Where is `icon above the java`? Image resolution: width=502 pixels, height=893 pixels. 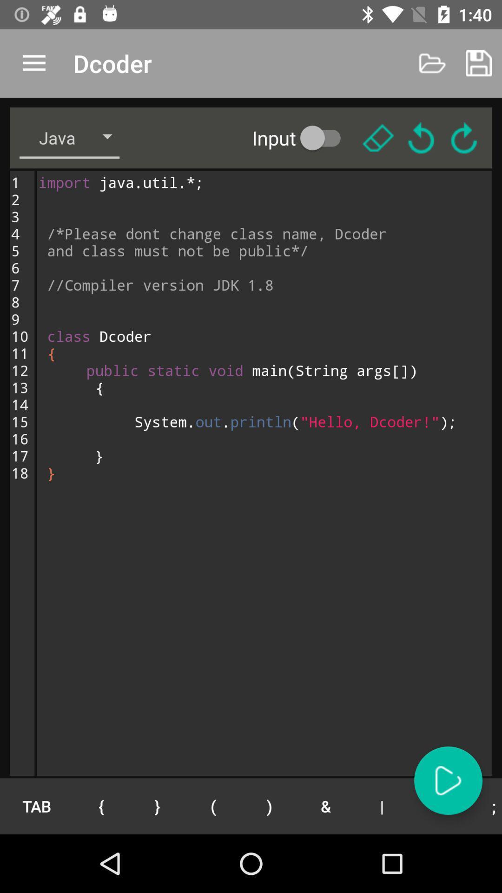
icon above the java is located at coordinates (33, 63).